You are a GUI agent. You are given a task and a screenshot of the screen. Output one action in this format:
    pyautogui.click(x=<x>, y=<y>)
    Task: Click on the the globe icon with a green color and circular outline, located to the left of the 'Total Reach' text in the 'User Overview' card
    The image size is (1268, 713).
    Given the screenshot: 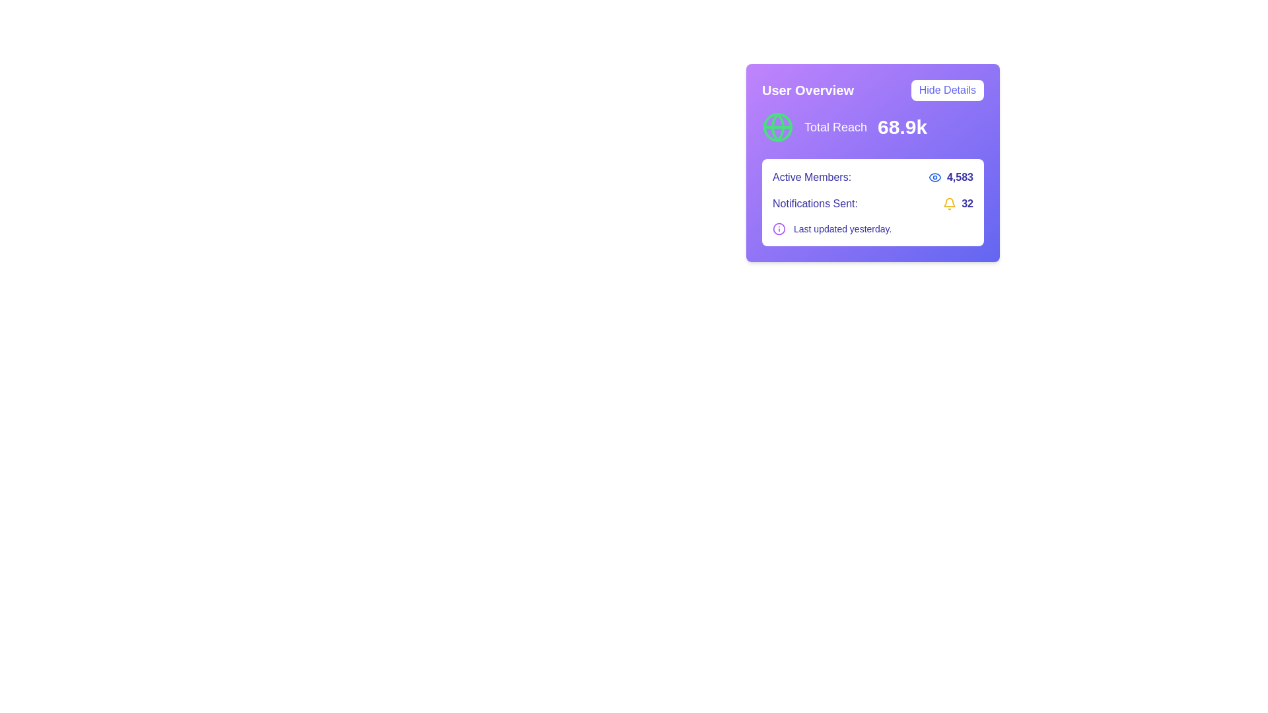 What is the action you would take?
    pyautogui.click(x=777, y=127)
    